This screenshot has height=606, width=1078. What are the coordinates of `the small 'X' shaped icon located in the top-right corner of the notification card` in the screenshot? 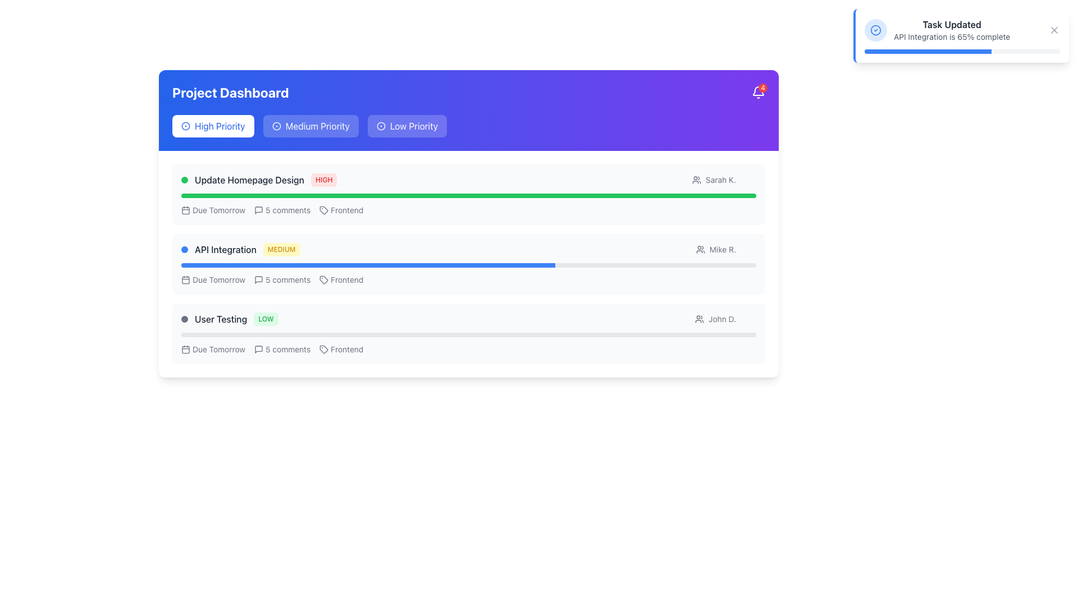 It's located at (1053, 30).